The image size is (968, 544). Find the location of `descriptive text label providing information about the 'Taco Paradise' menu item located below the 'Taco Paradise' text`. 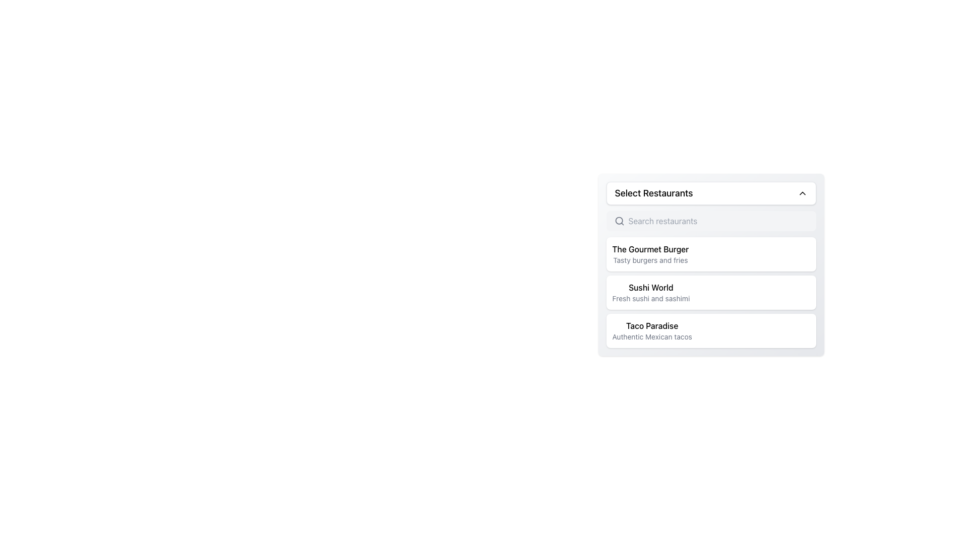

descriptive text label providing information about the 'Taco Paradise' menu item located below the 'Taco Paradise' text is located at coordinates (652, 336).